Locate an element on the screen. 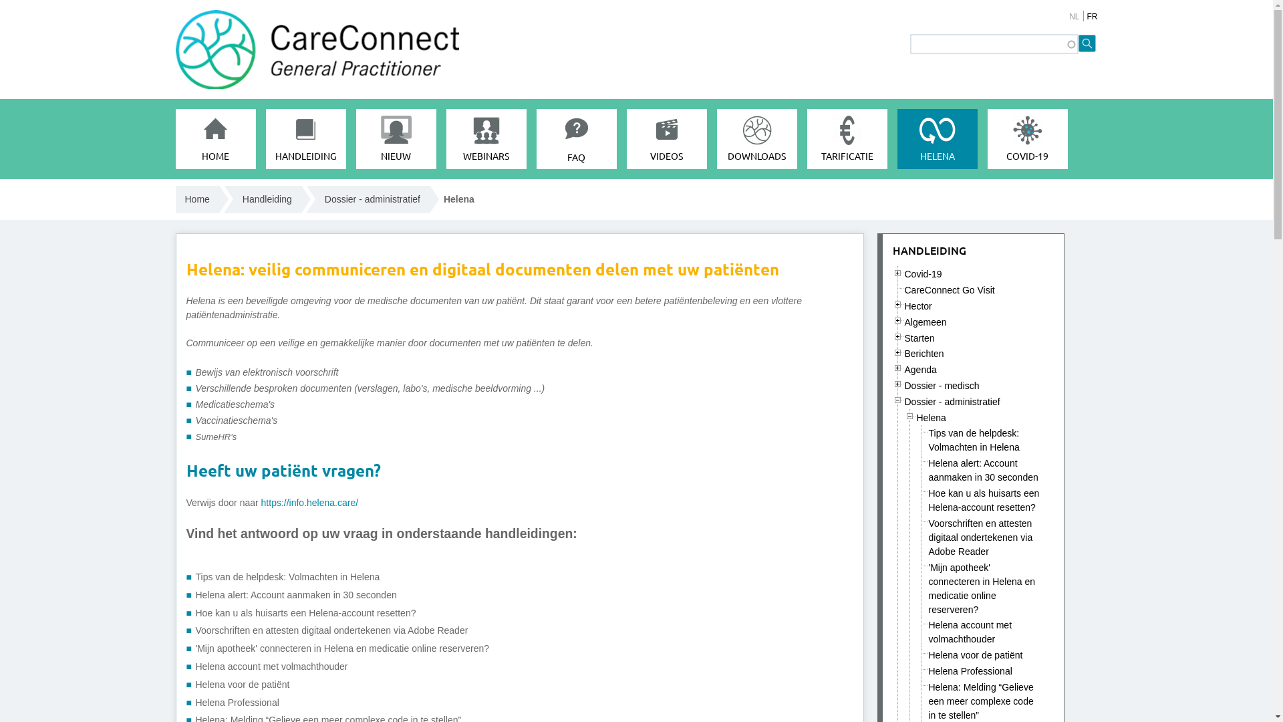 The image size is (1283, 722). 'CareConnect' is located at coordinates (174, 223).